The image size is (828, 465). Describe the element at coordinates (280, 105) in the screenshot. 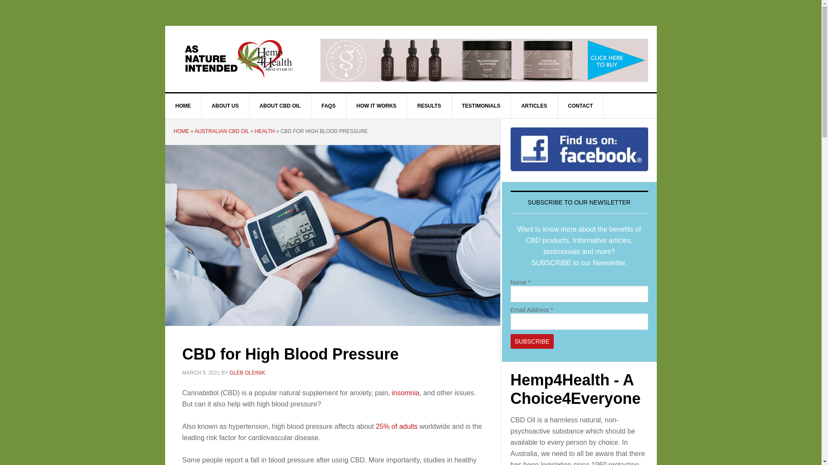

I see `'ABOUT CBD OIL'` at that location.